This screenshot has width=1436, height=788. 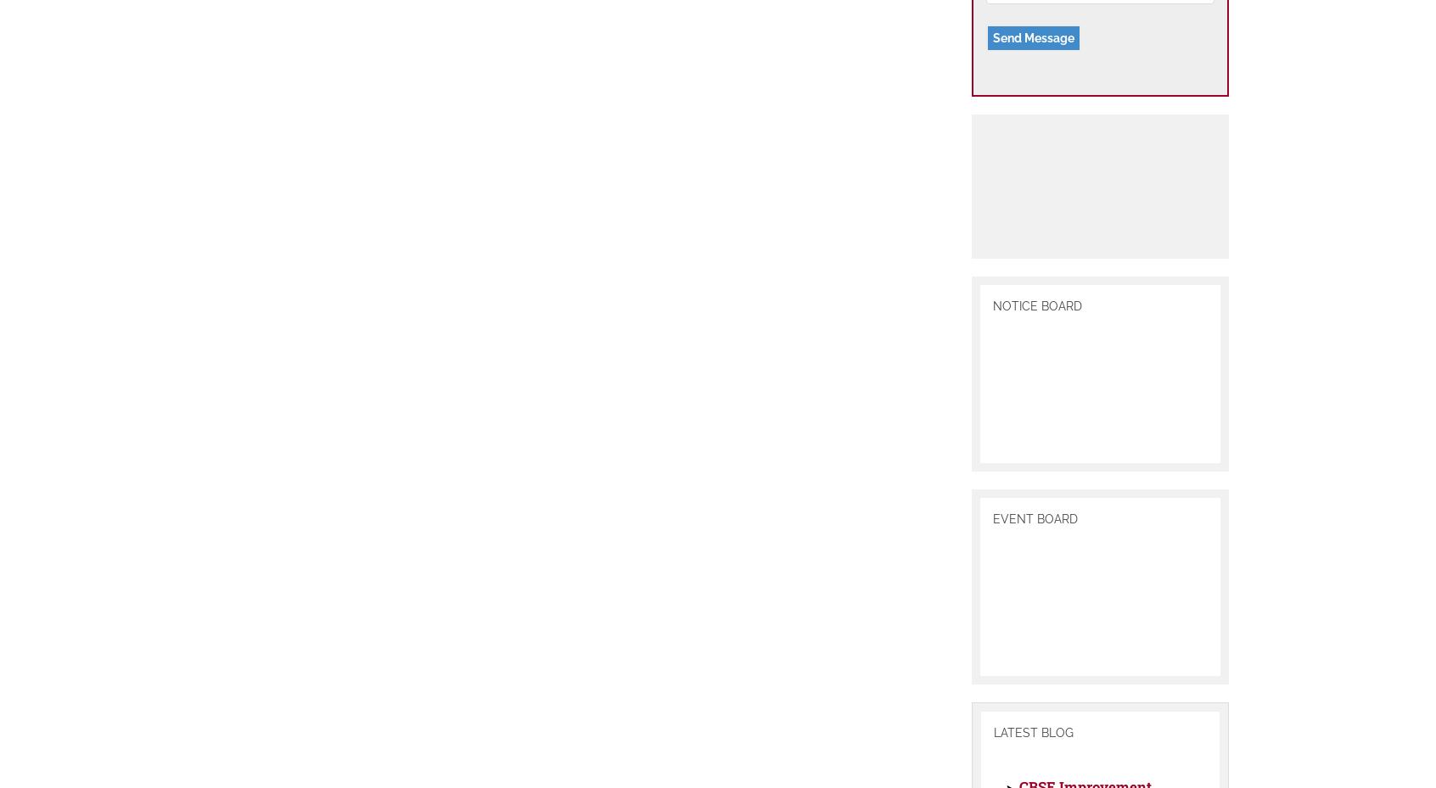 I want to click on 'Test Event 1', so click(x=1047, y=407).